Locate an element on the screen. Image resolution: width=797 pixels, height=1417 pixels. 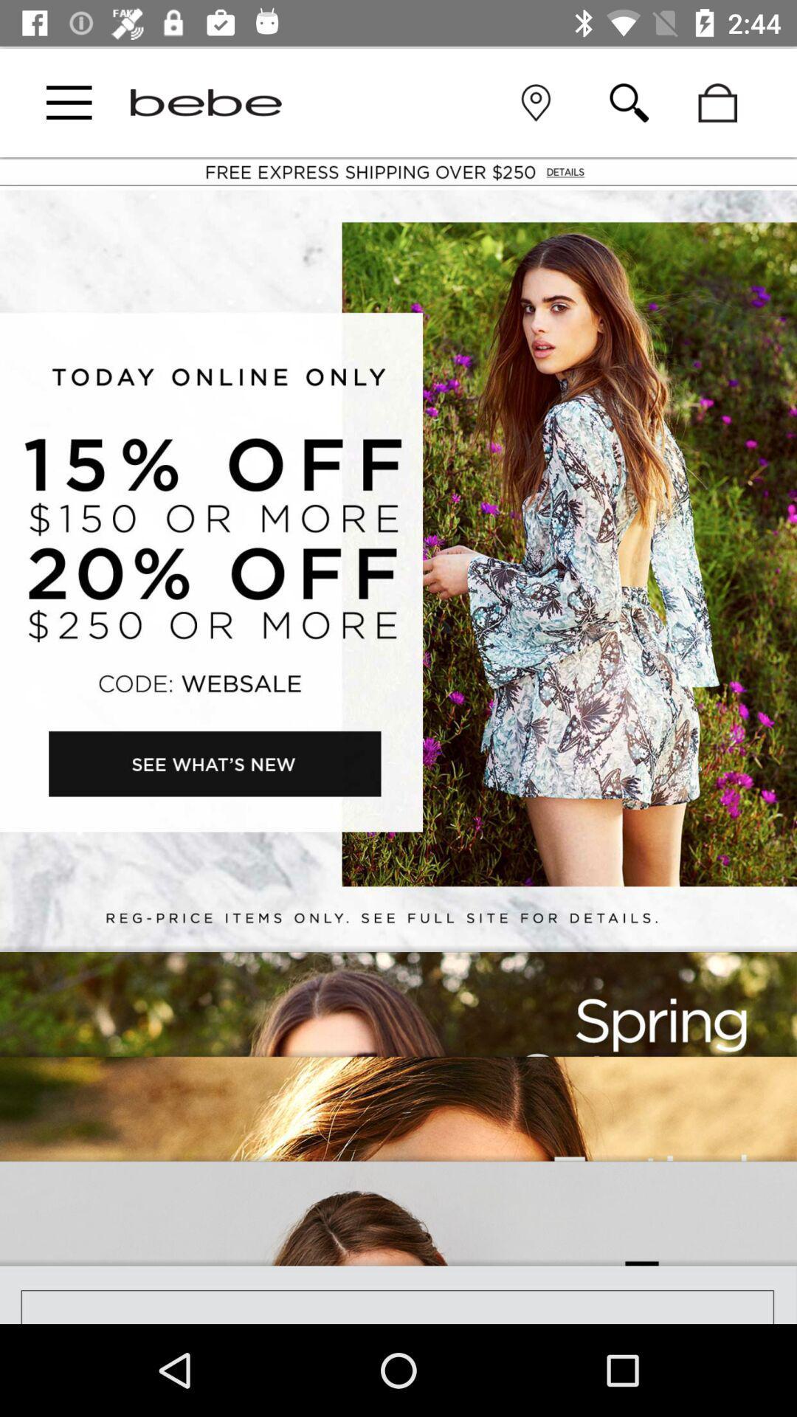
go home is located at coordinates (206, 102).